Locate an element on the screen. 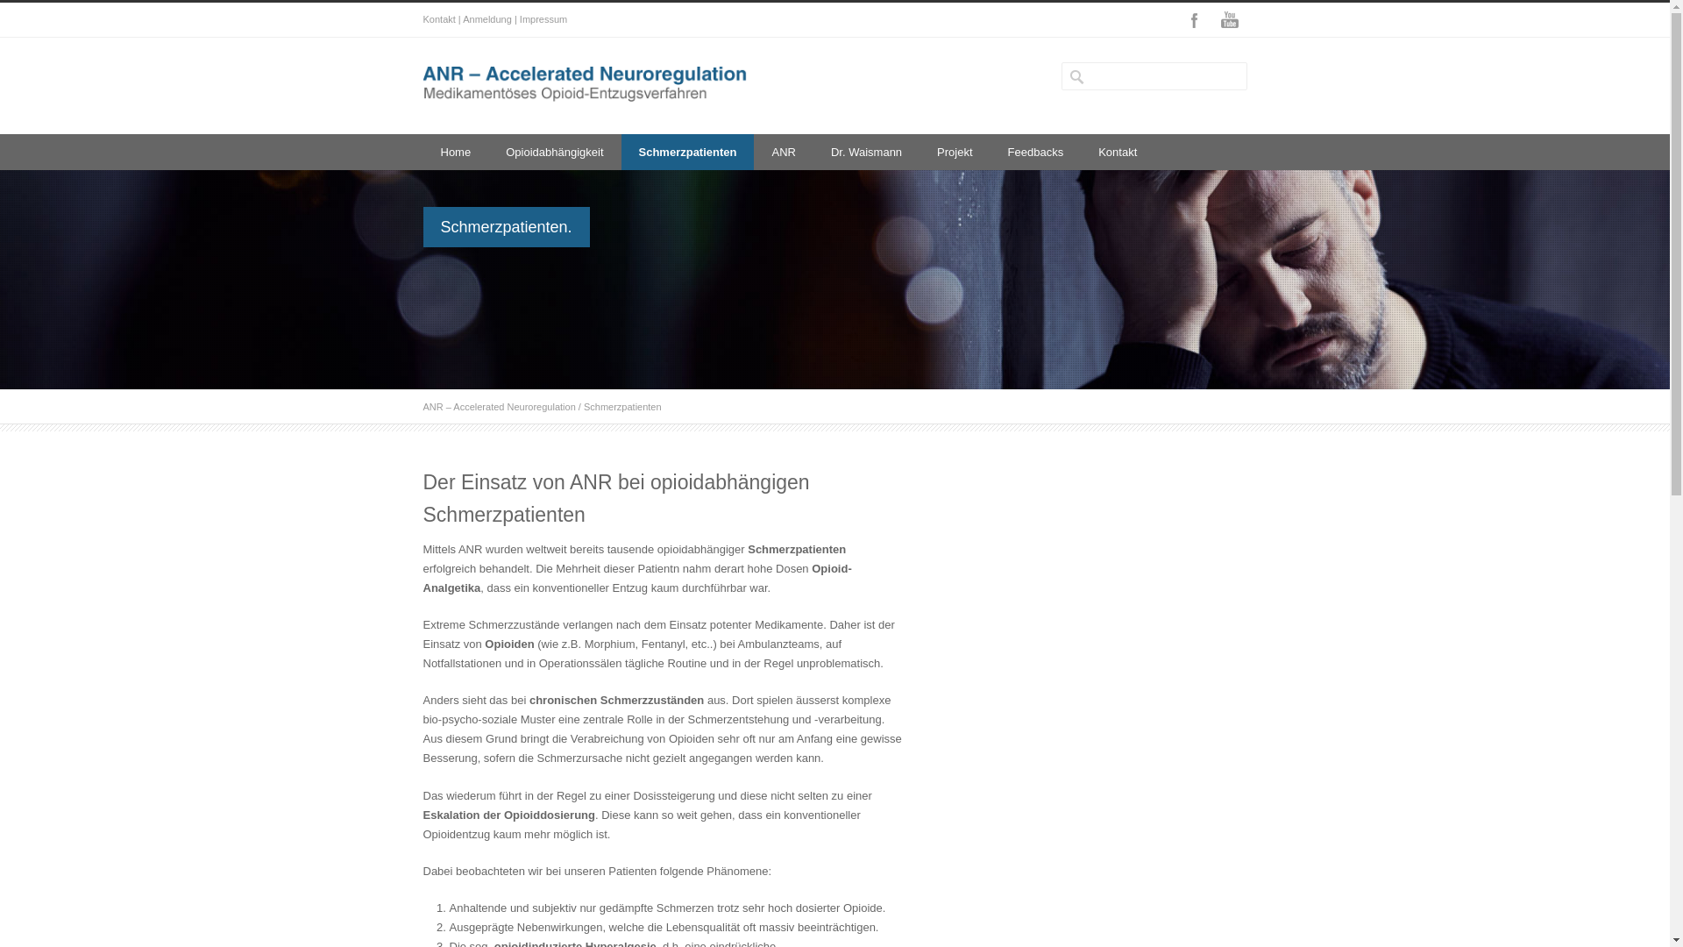 The height and width of the screenshot is (947, 1683). 'Schmerzpatienten' is located at coordinates (621, 151).